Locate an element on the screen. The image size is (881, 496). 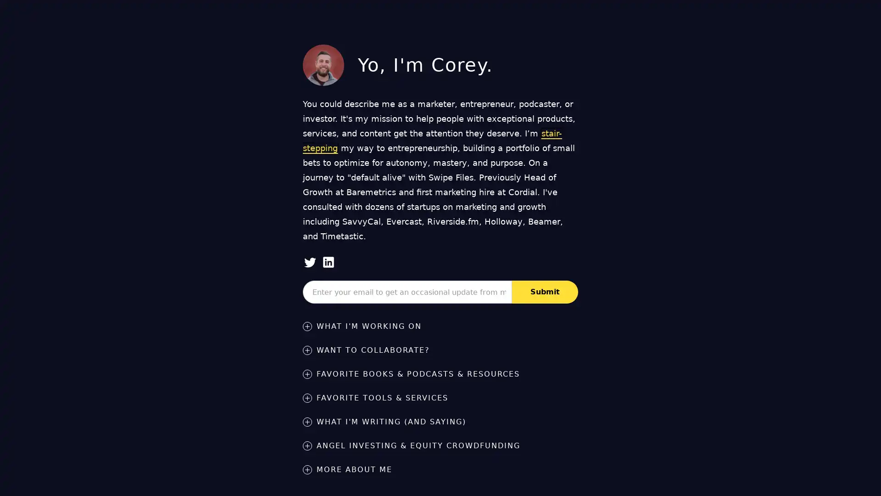
Submit is located at coordinates (545, 292).